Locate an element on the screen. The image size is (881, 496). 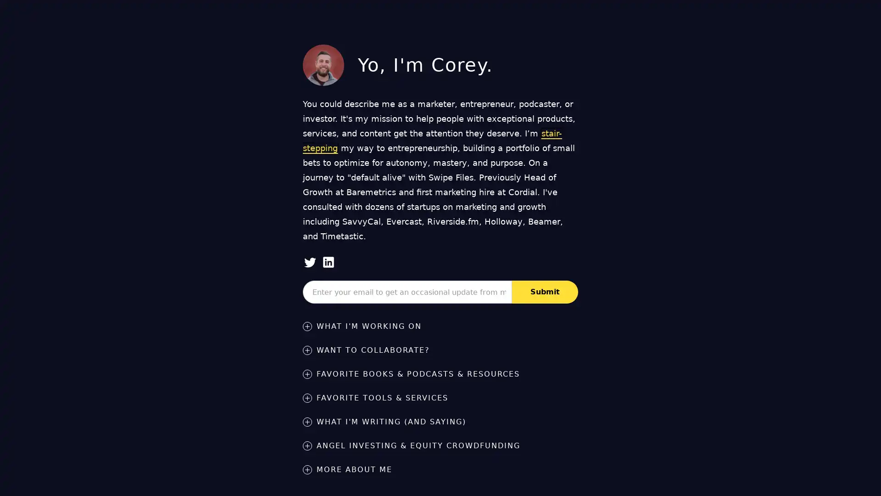
Submit is located at coordinates (545, 292).